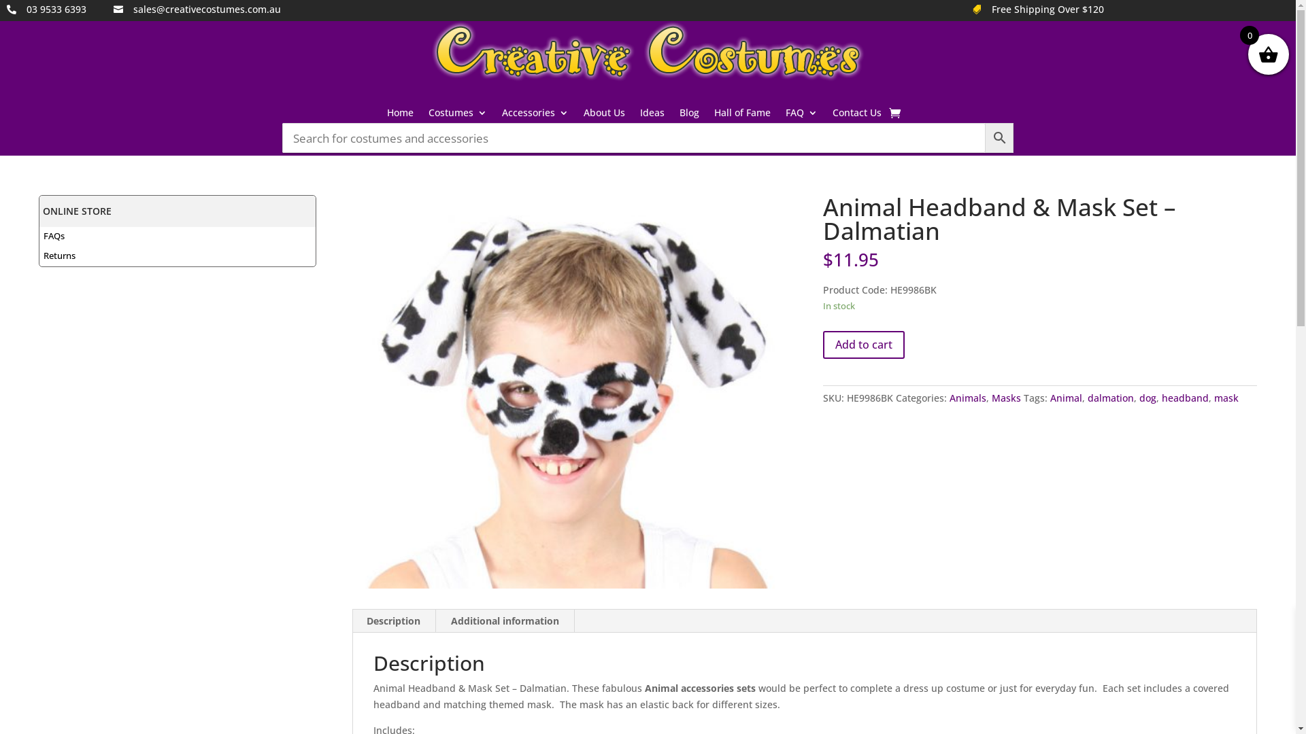  I want to click on 'Animals', so click(967, 398).